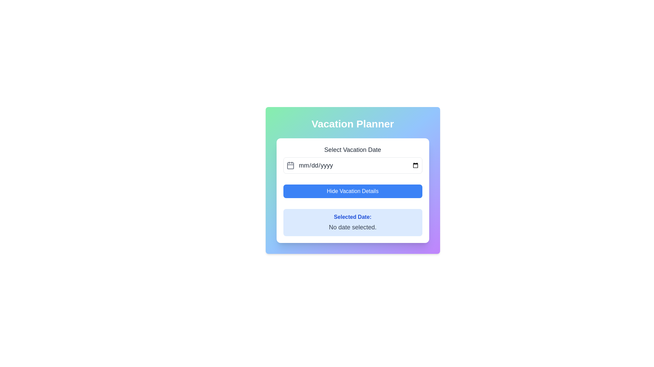 This screenshot has width=654, height=367. What do you see at coordinates (353, 149) in the screenshot?
I see `the static text label that contains 'Select Vacation Date', which is positioned centrally at the top of the form section above the date input area` at bounding box center [353, 149].